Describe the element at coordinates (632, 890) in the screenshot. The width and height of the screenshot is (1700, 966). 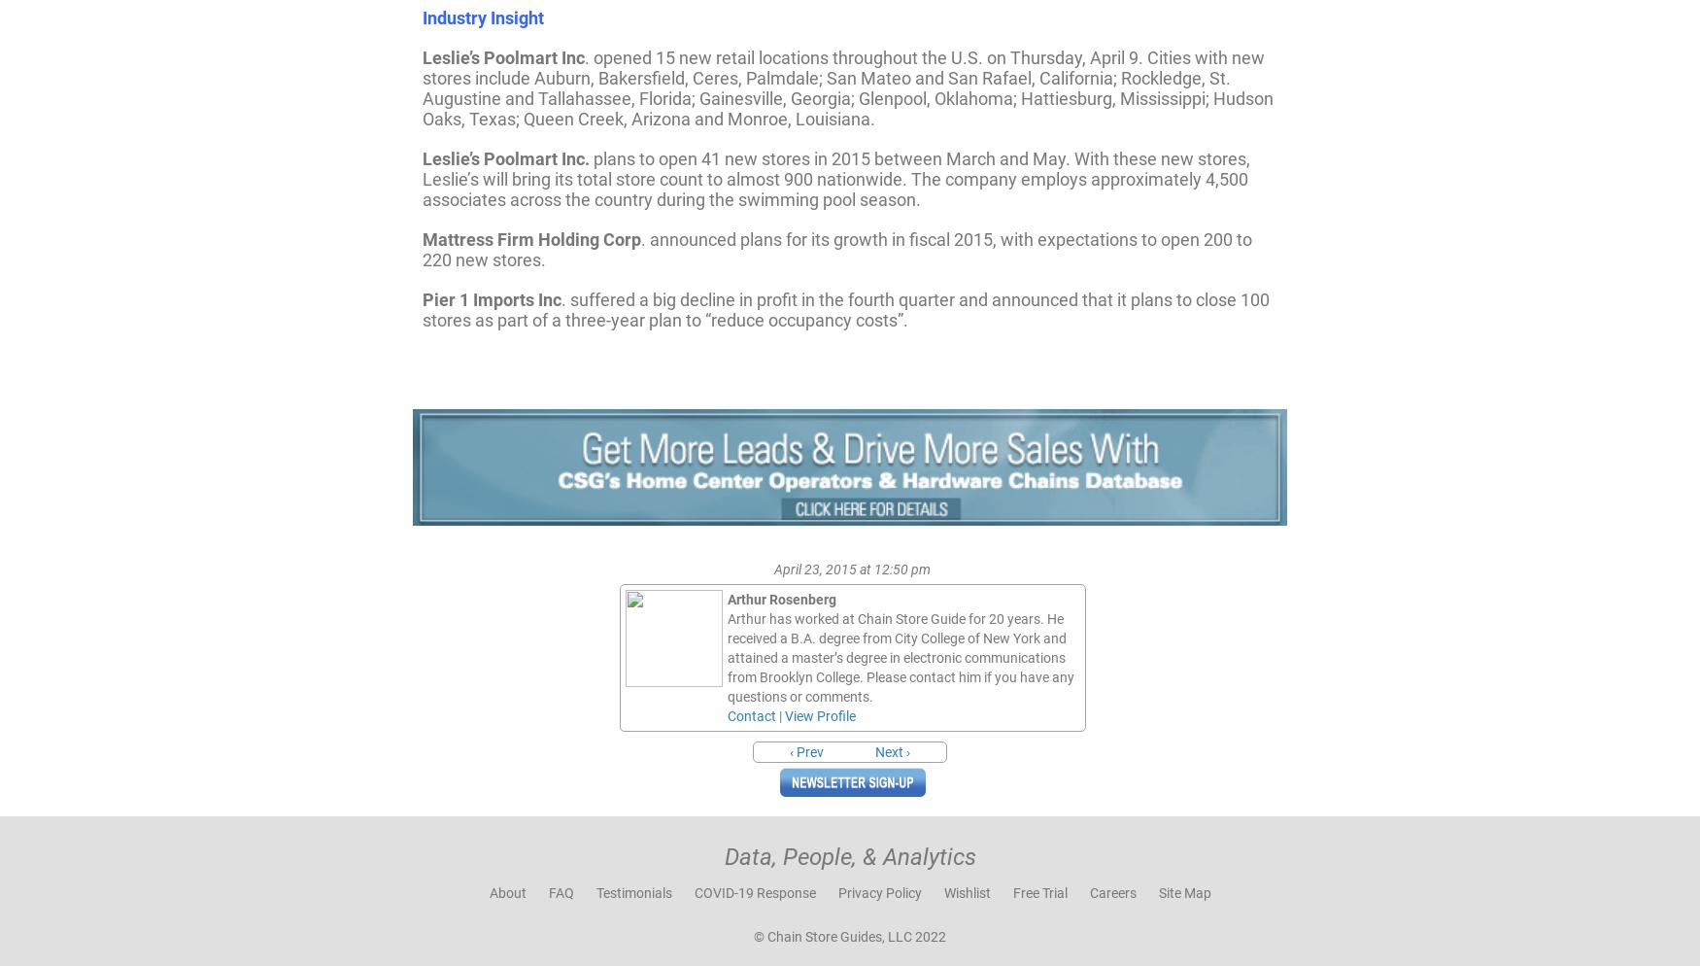
I see `'Testimonials'` at that location.